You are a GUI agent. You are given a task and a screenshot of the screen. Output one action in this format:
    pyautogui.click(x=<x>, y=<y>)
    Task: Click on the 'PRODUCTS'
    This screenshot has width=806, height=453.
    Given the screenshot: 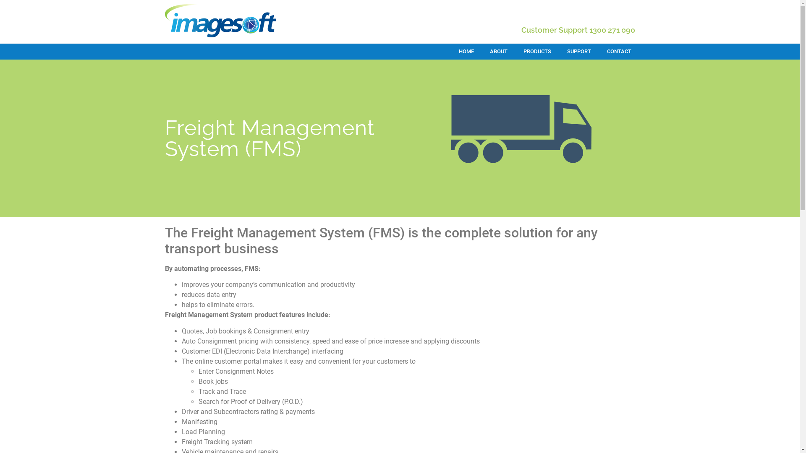 What is the action you would take?
    pyautogui.click(x=537, y=52)
    